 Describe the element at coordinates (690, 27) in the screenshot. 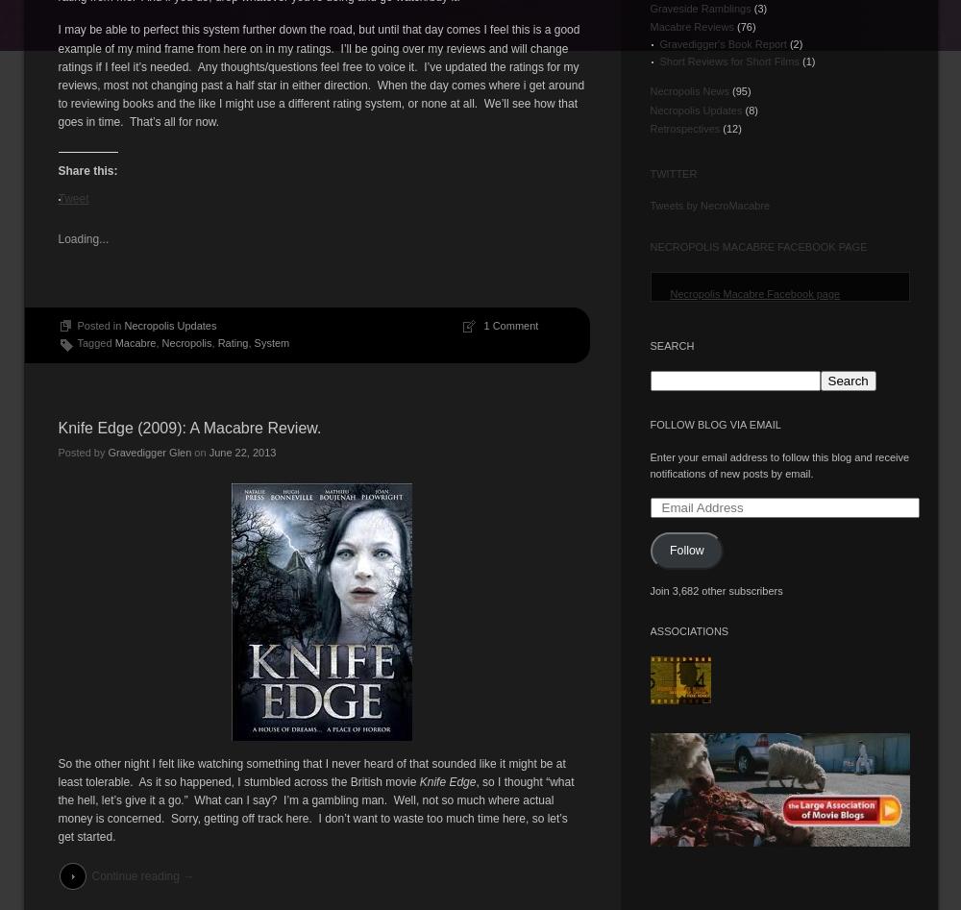

I see `'Macabre Reviews'` at that location.